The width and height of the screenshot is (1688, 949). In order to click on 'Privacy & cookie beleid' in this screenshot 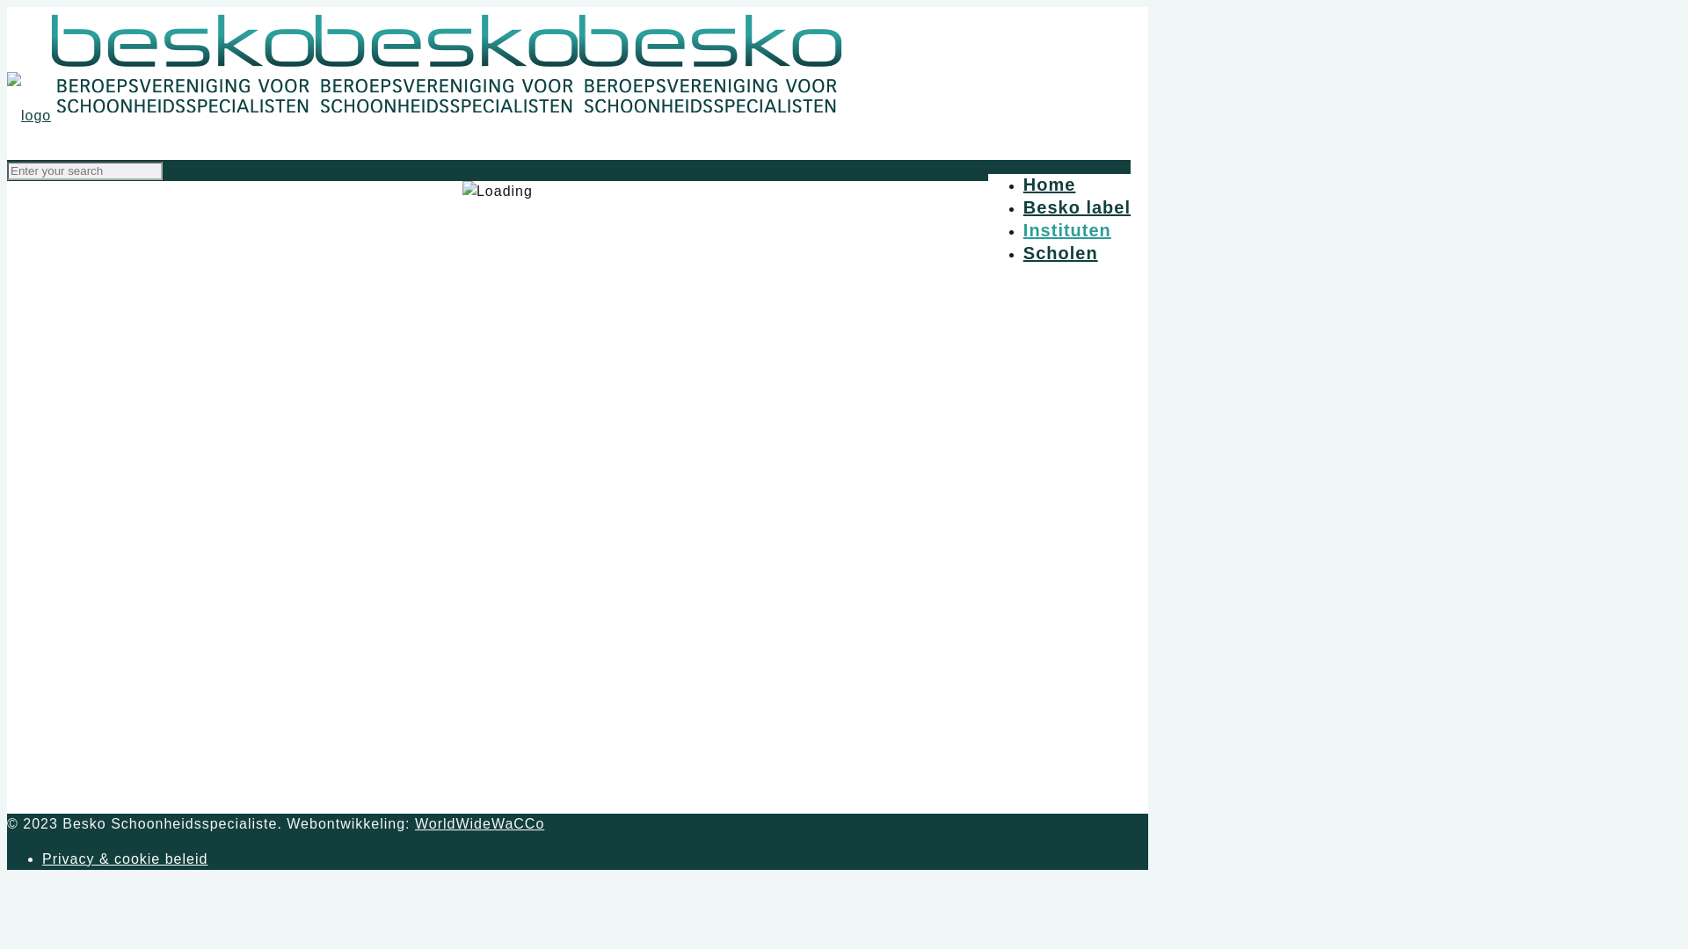, I will do `click(124, 858)`.